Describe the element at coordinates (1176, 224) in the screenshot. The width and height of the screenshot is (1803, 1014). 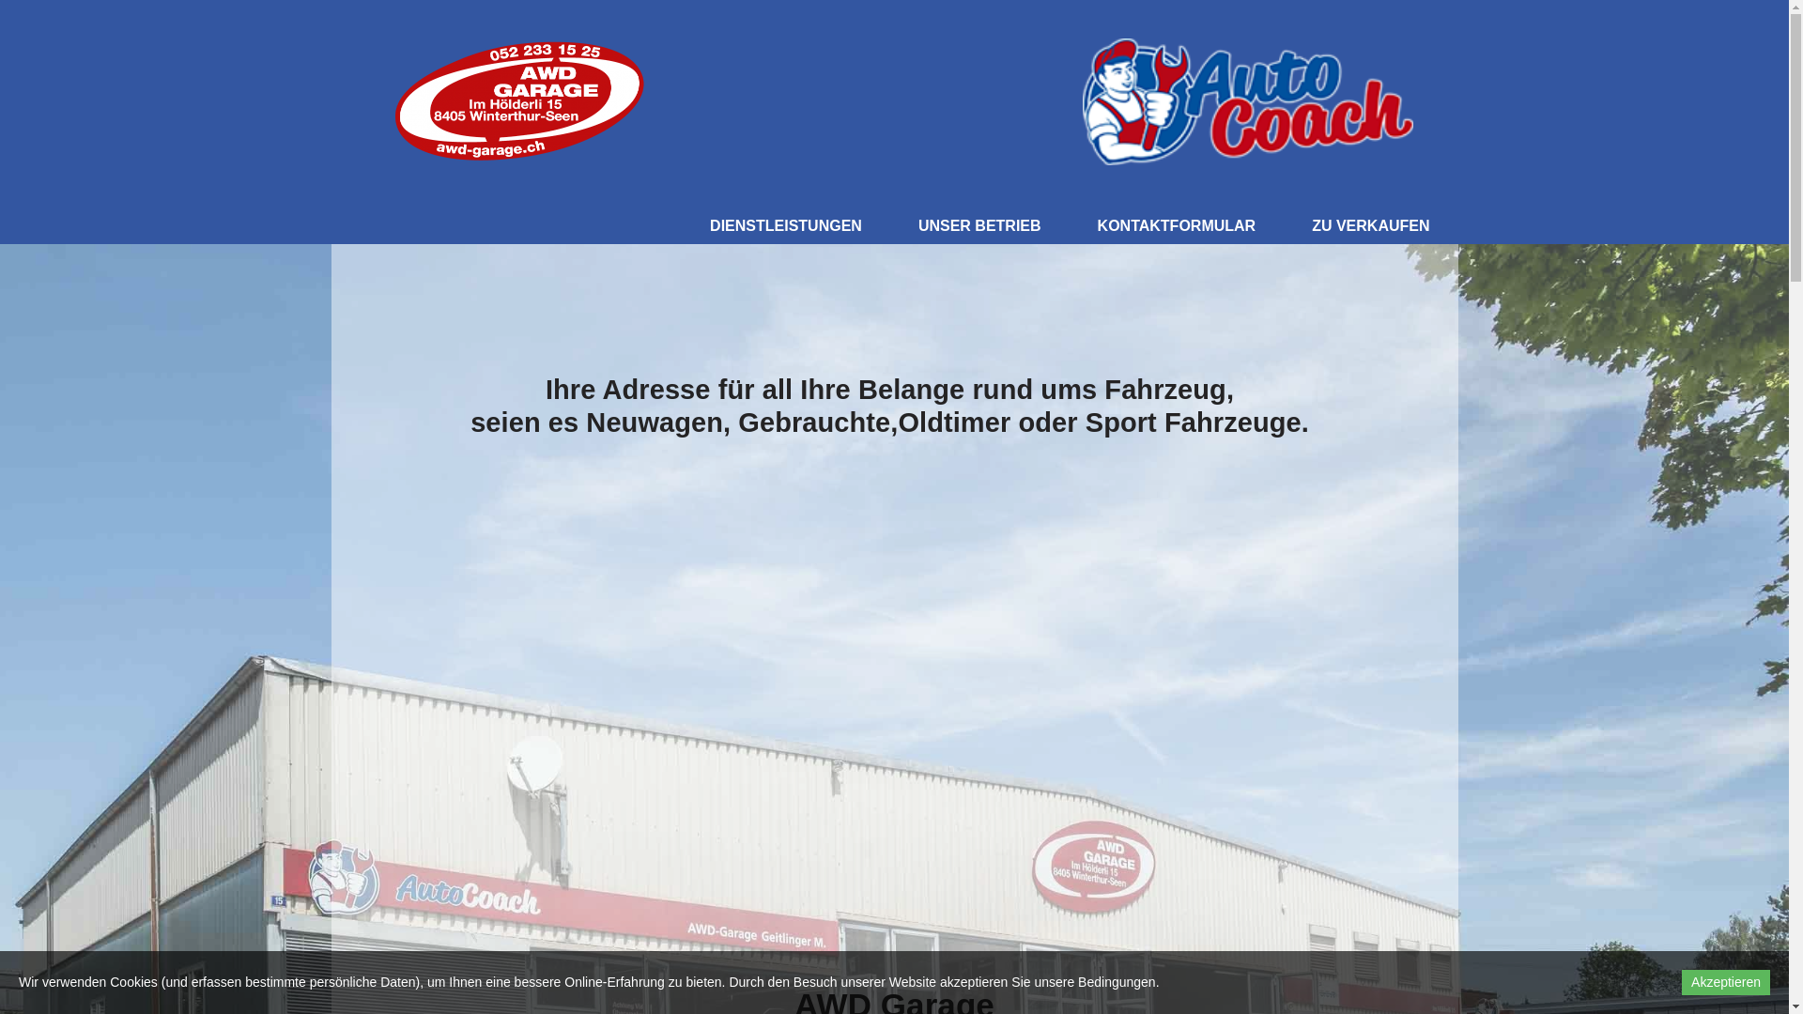
I see `'KONTAKTFORMULAR'` at that location.